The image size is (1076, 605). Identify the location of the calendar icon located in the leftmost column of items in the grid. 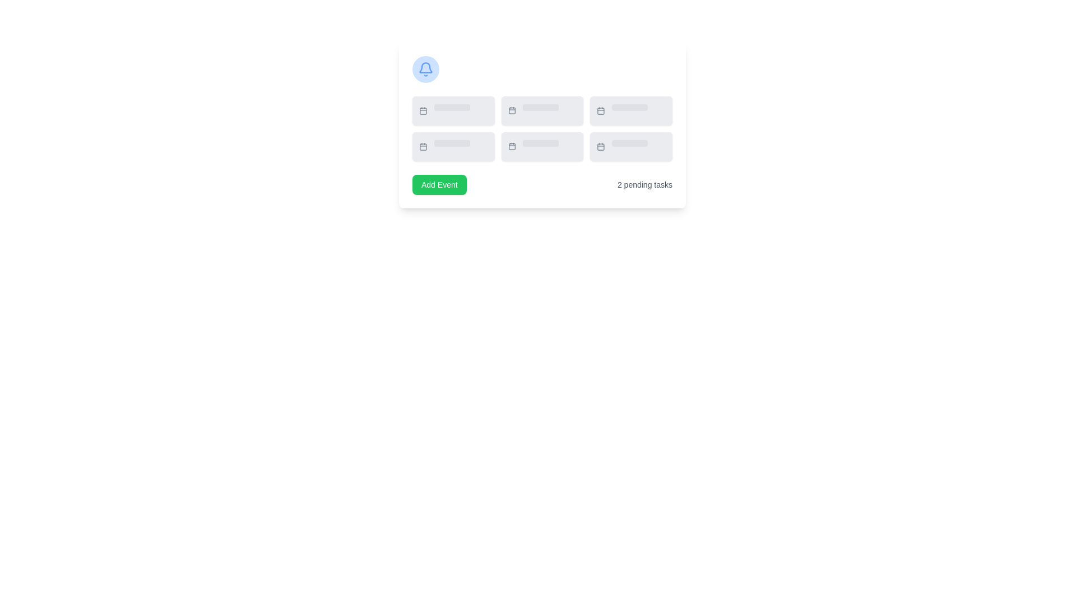
(423, 110).